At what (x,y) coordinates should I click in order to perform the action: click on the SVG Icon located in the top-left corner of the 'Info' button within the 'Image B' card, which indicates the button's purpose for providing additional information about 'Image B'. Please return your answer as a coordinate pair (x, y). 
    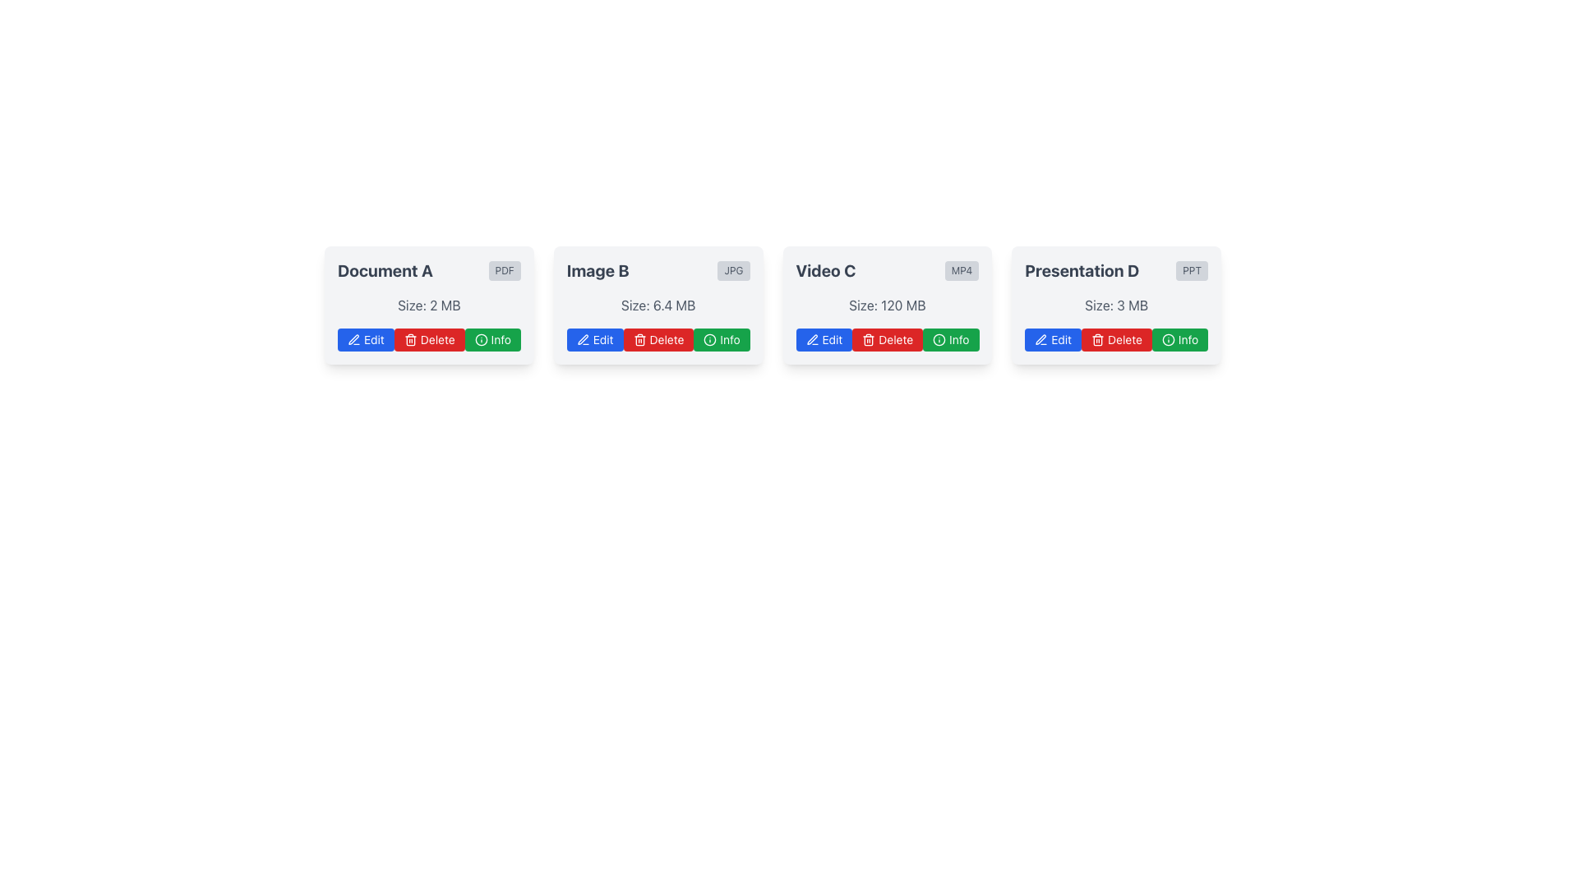
    Looking at the image, I should click on (710, 338).